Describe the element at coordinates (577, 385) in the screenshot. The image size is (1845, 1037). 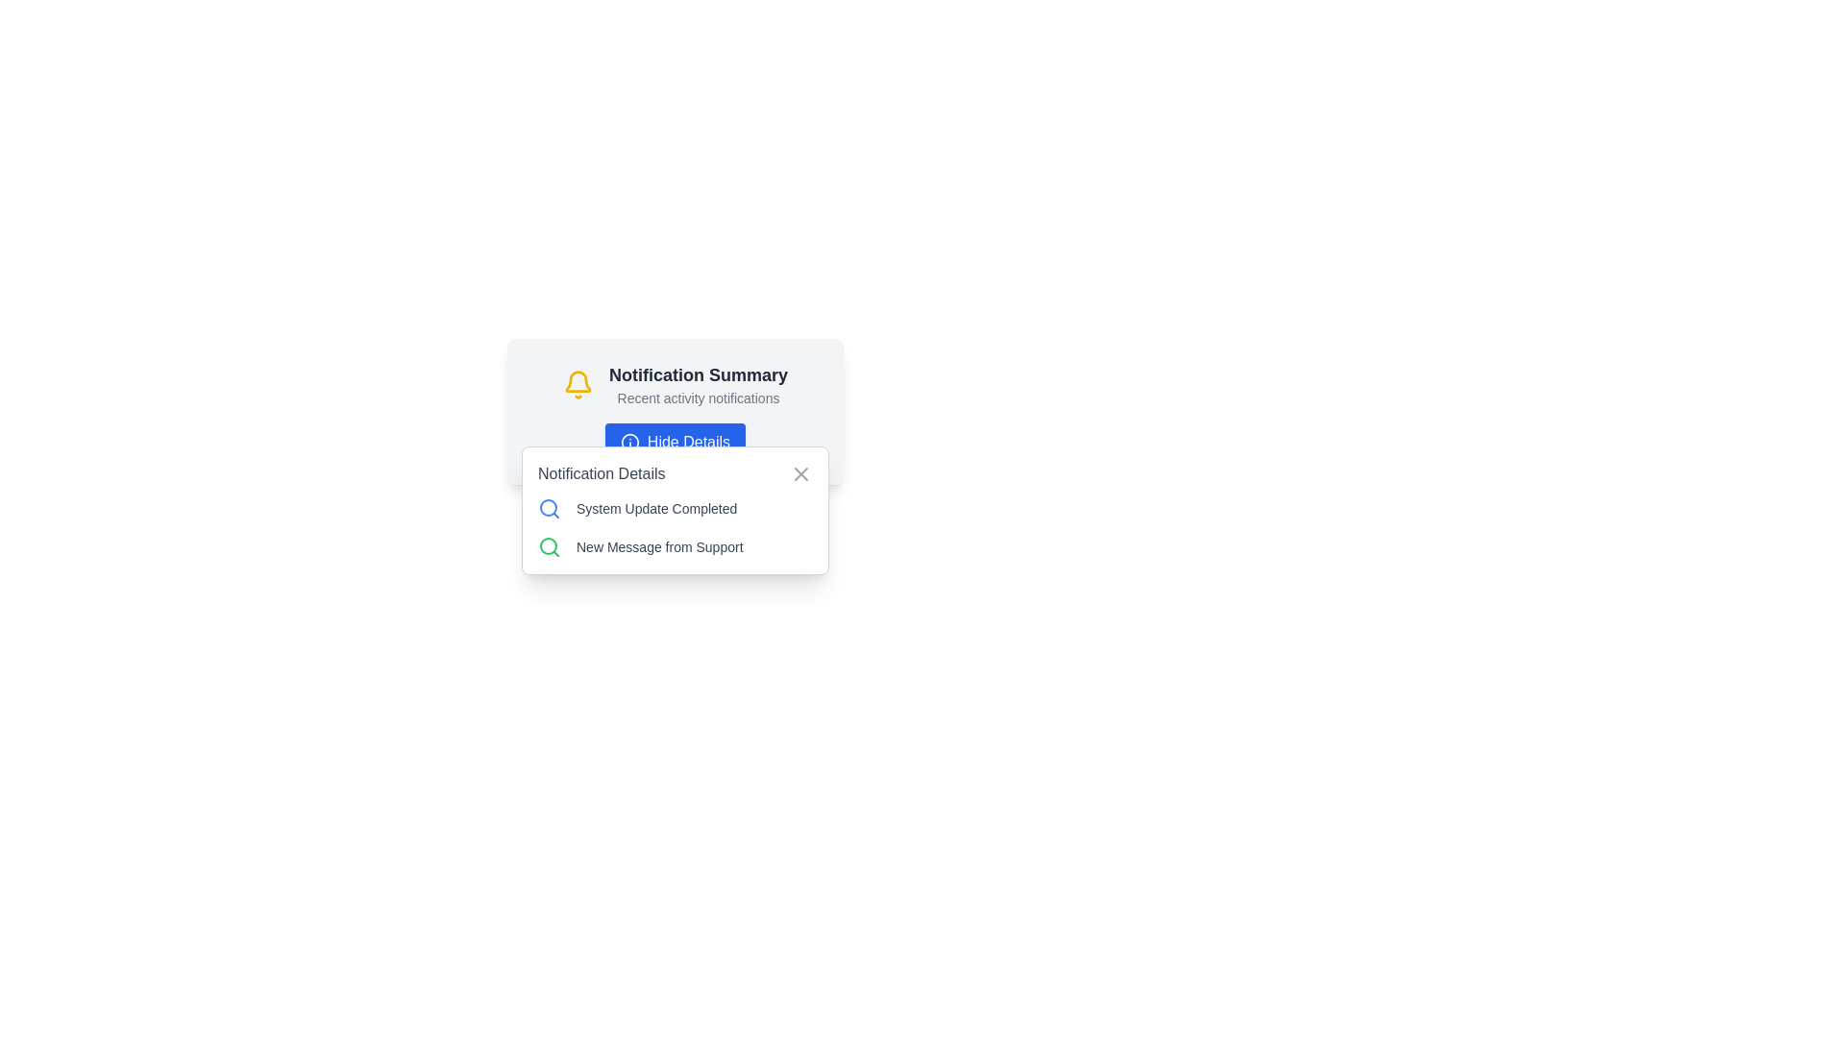
I see `yellow bell icon located to the left of the text 'Notification Summary' in the upper left corner of the notification summary card` at that location.